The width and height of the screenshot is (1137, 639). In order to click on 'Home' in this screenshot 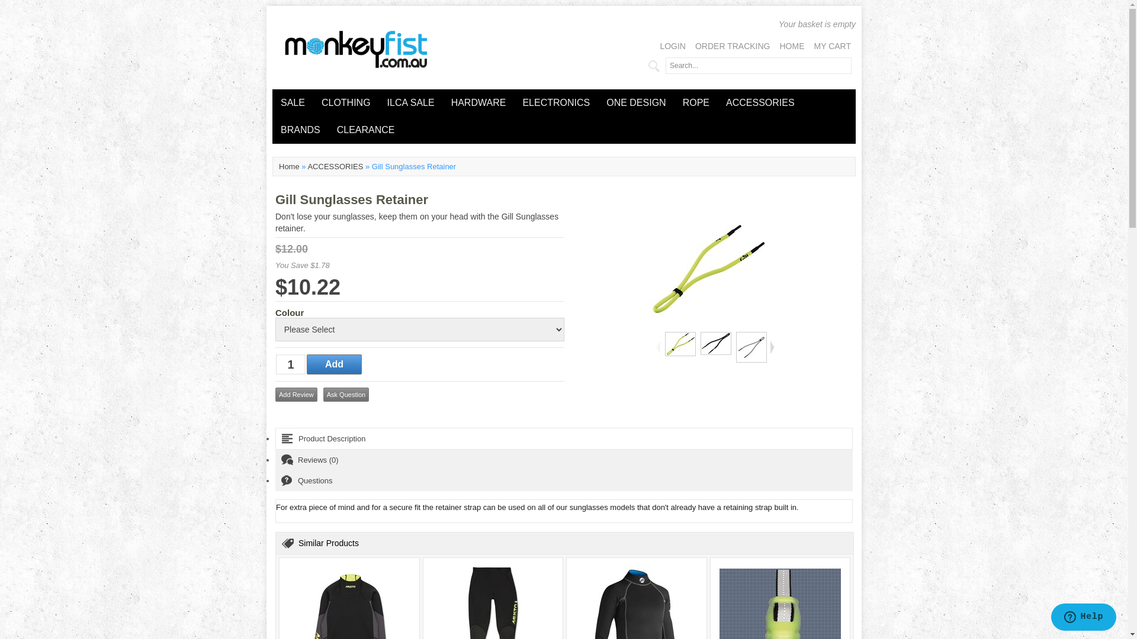, I will do `click(289, 166)`.